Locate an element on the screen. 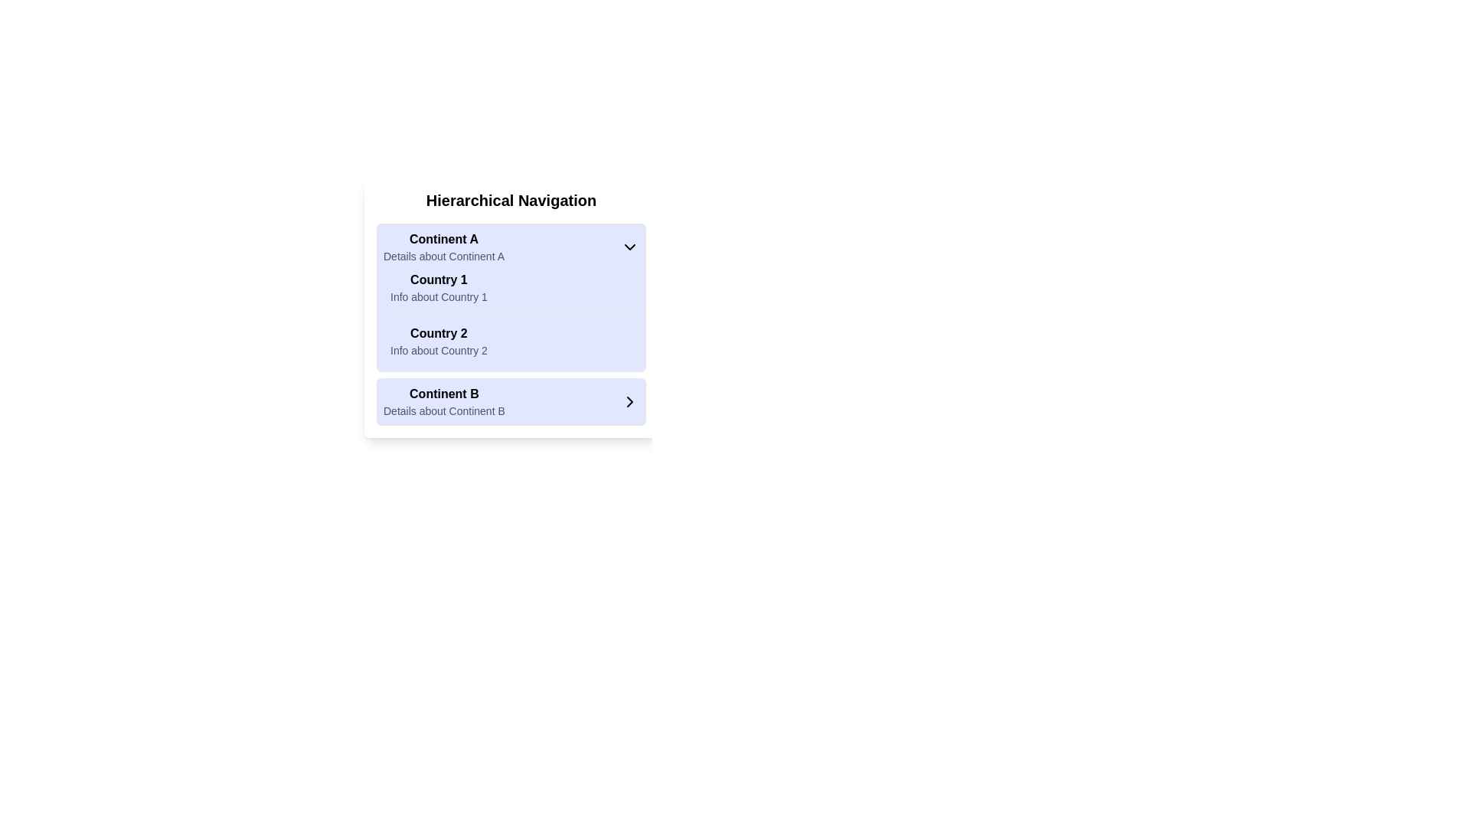  the hierarchical navigation list element to interact with its nested sections and headings is located at coordinates (511, 324).